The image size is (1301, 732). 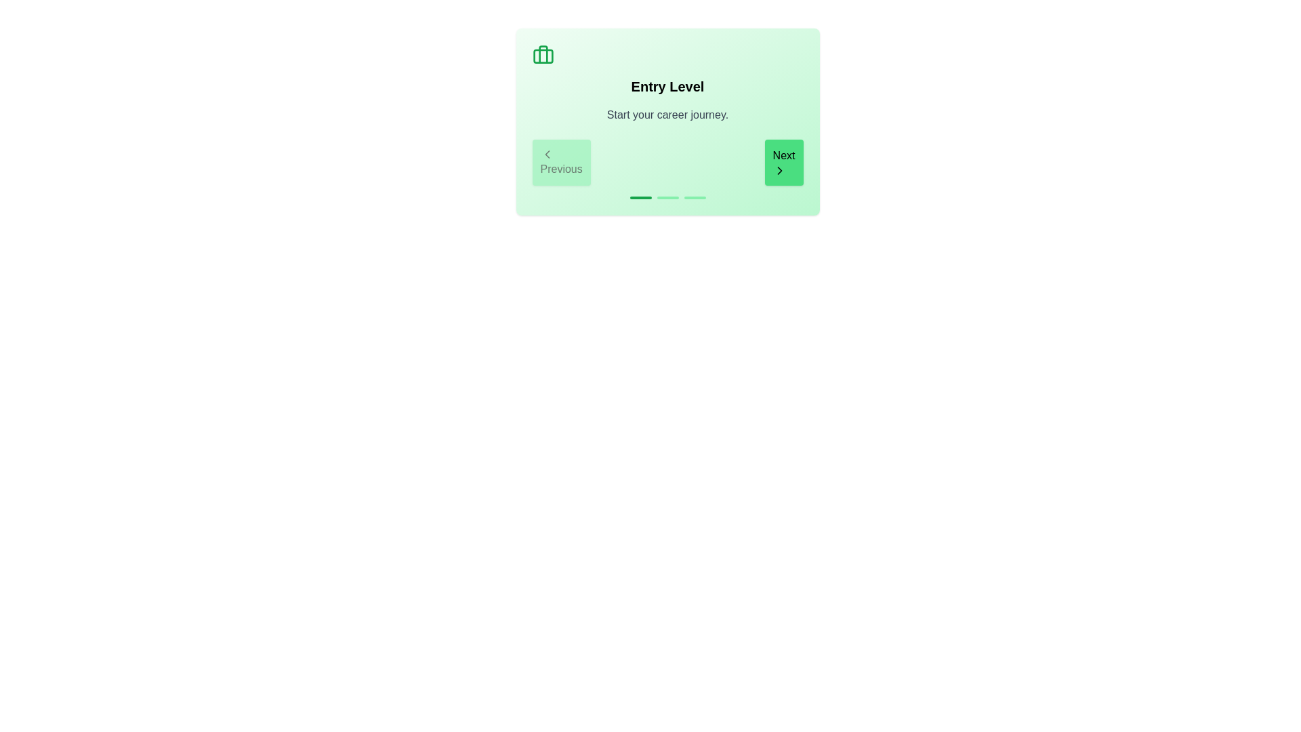 I want to click on the navigation button Previous, so click(x=561, y=161).